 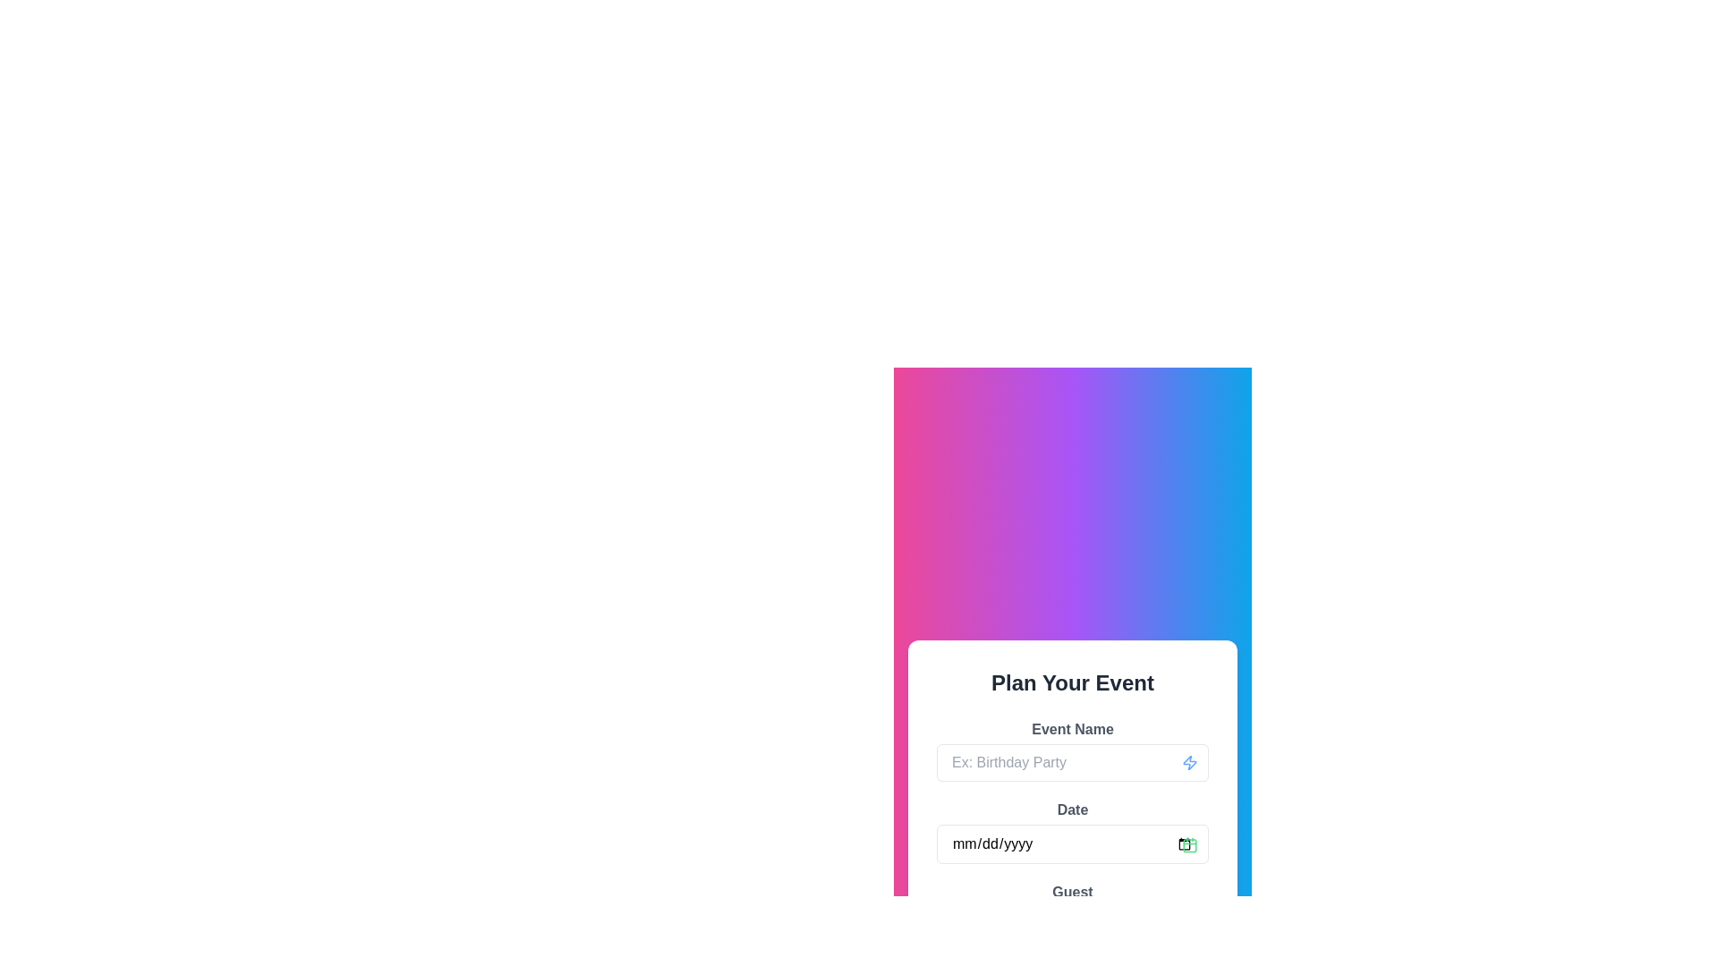 I want to click on the Text label element that serves as the header for the section, located within a white card with rounded borders, positioned above input fields for 'Event Name' and 'Date', so click(x=1073, y=682).